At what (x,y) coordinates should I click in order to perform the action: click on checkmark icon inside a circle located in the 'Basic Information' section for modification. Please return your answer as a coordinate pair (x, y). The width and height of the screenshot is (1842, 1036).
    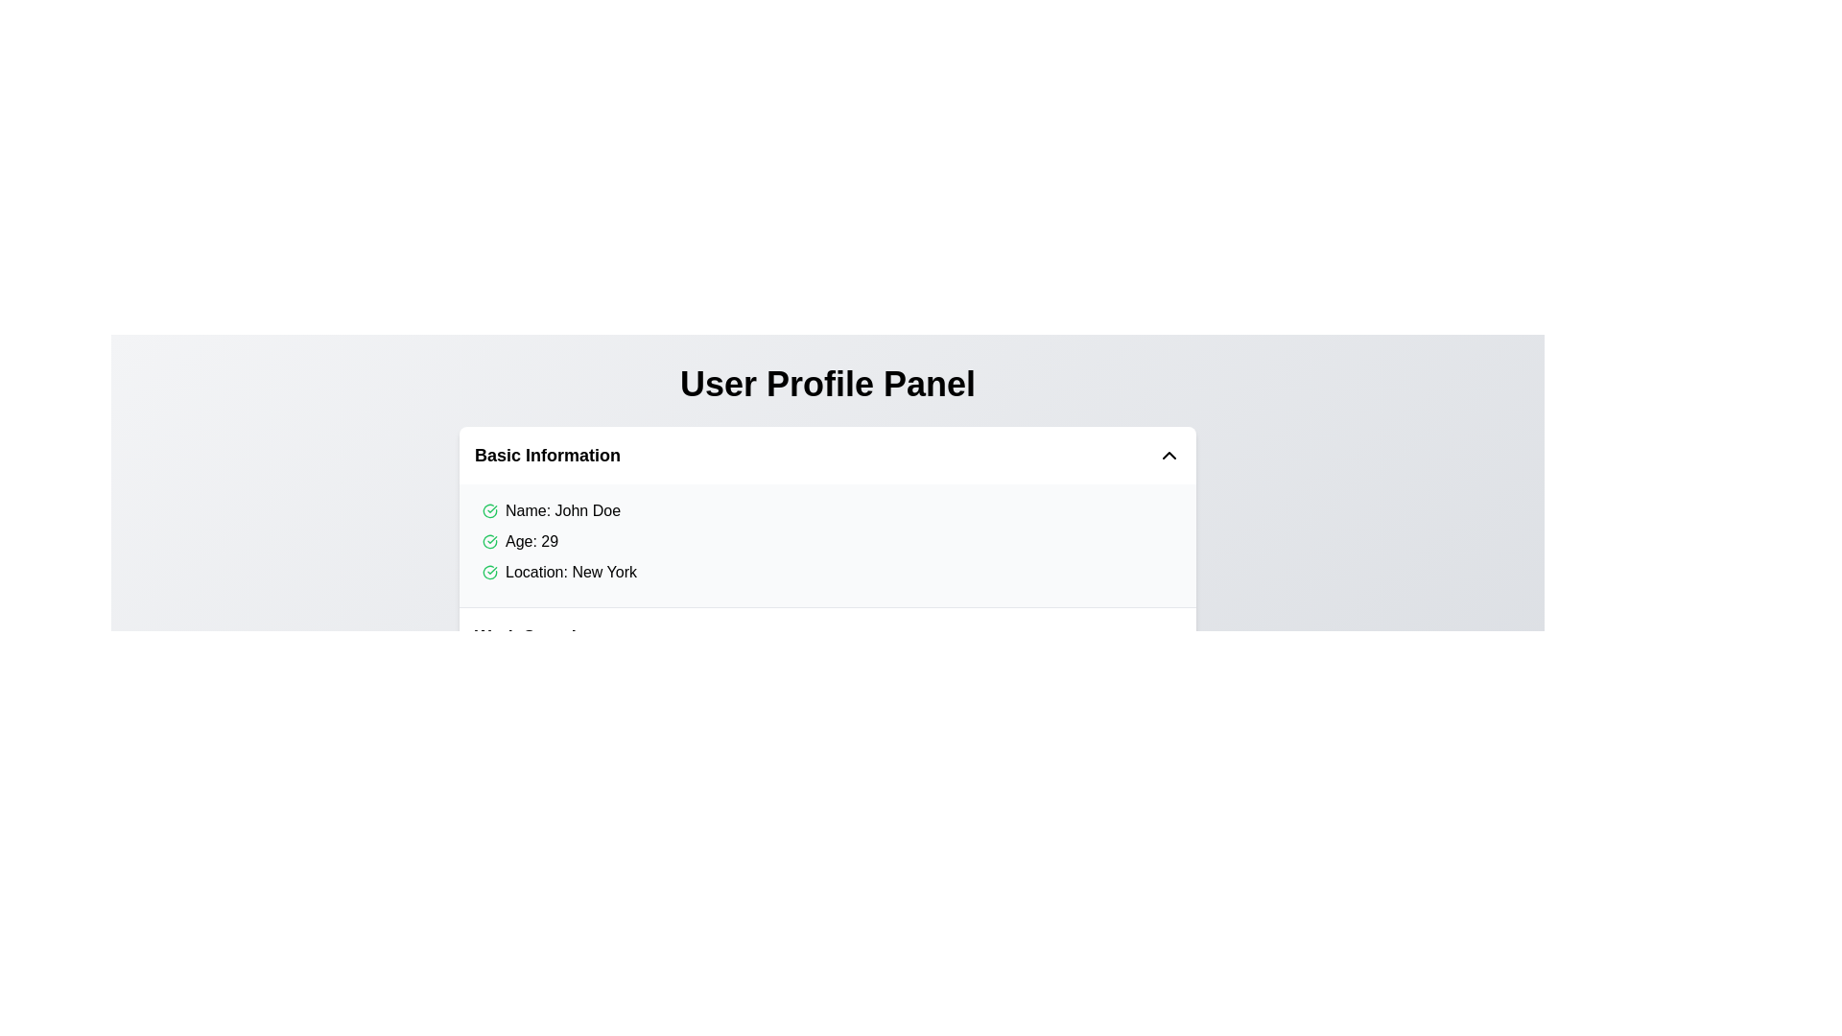
    Looking at the image, I should click on (489, 541).